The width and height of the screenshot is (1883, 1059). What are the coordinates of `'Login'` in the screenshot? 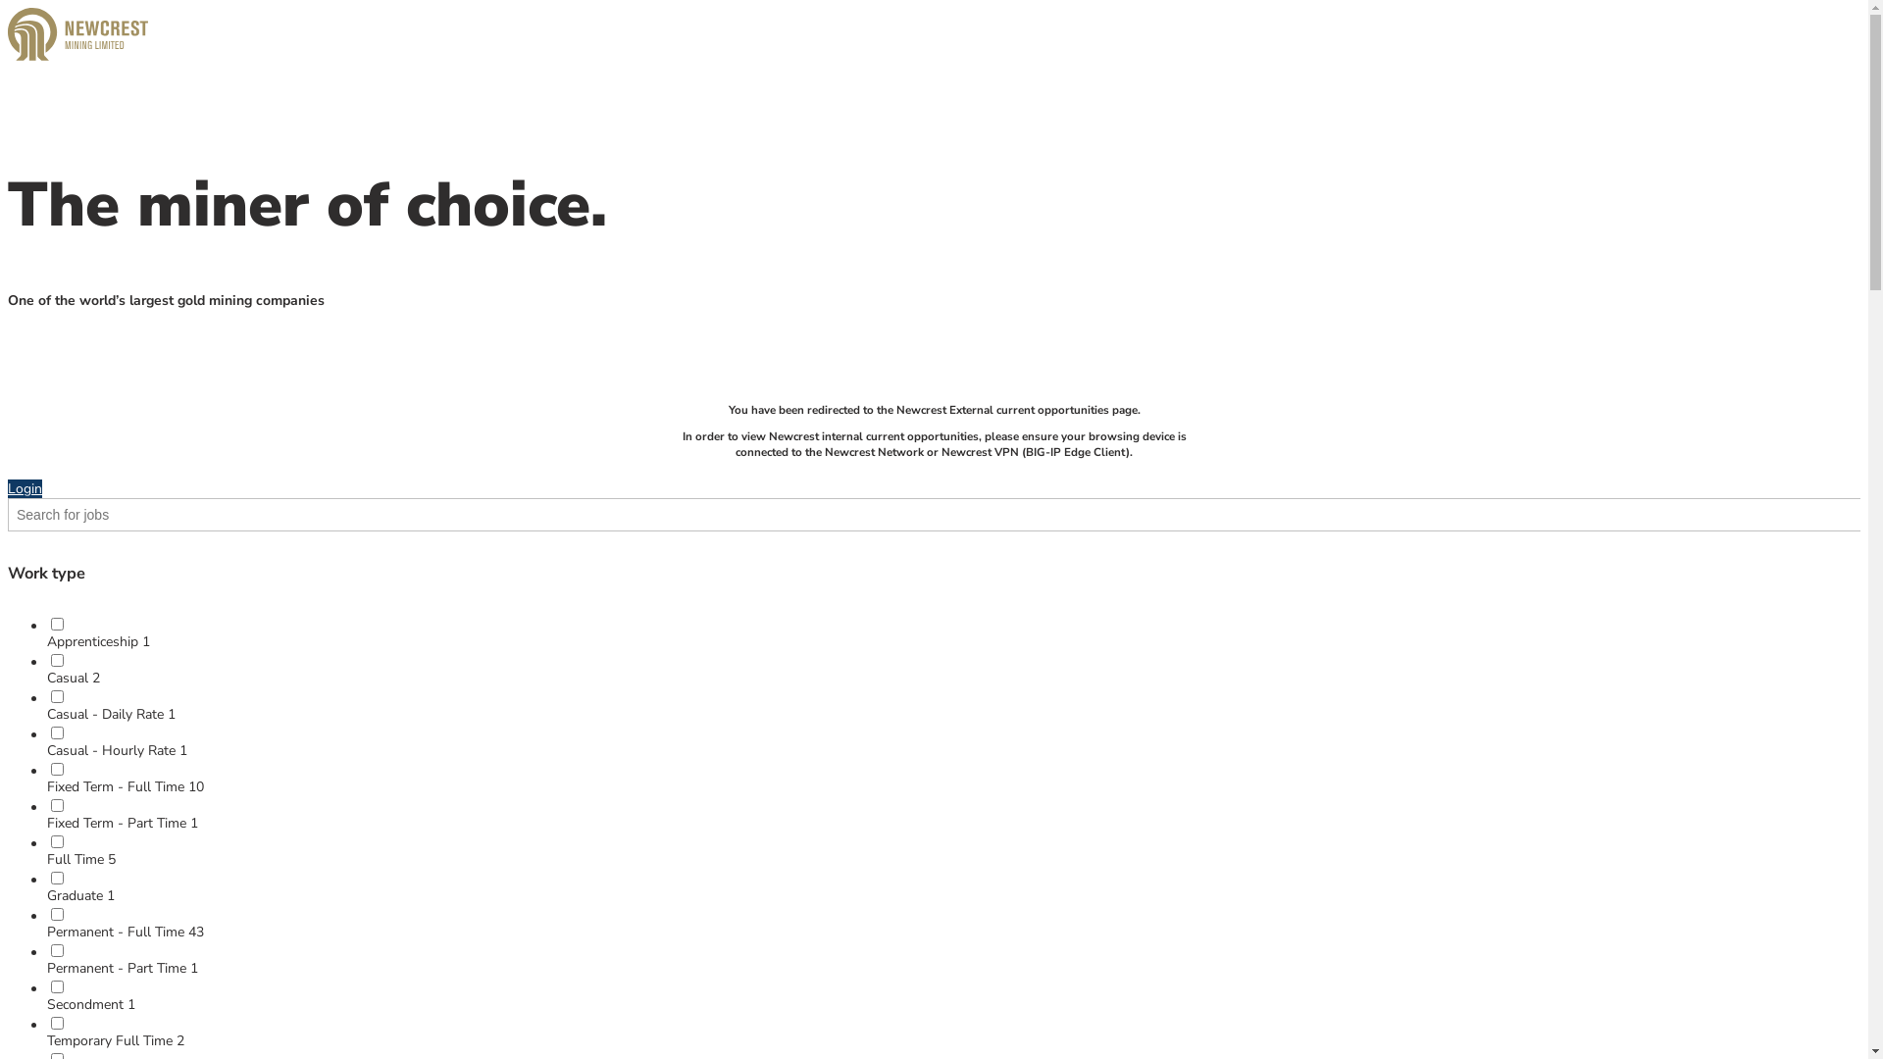 It's located at (25, 487).